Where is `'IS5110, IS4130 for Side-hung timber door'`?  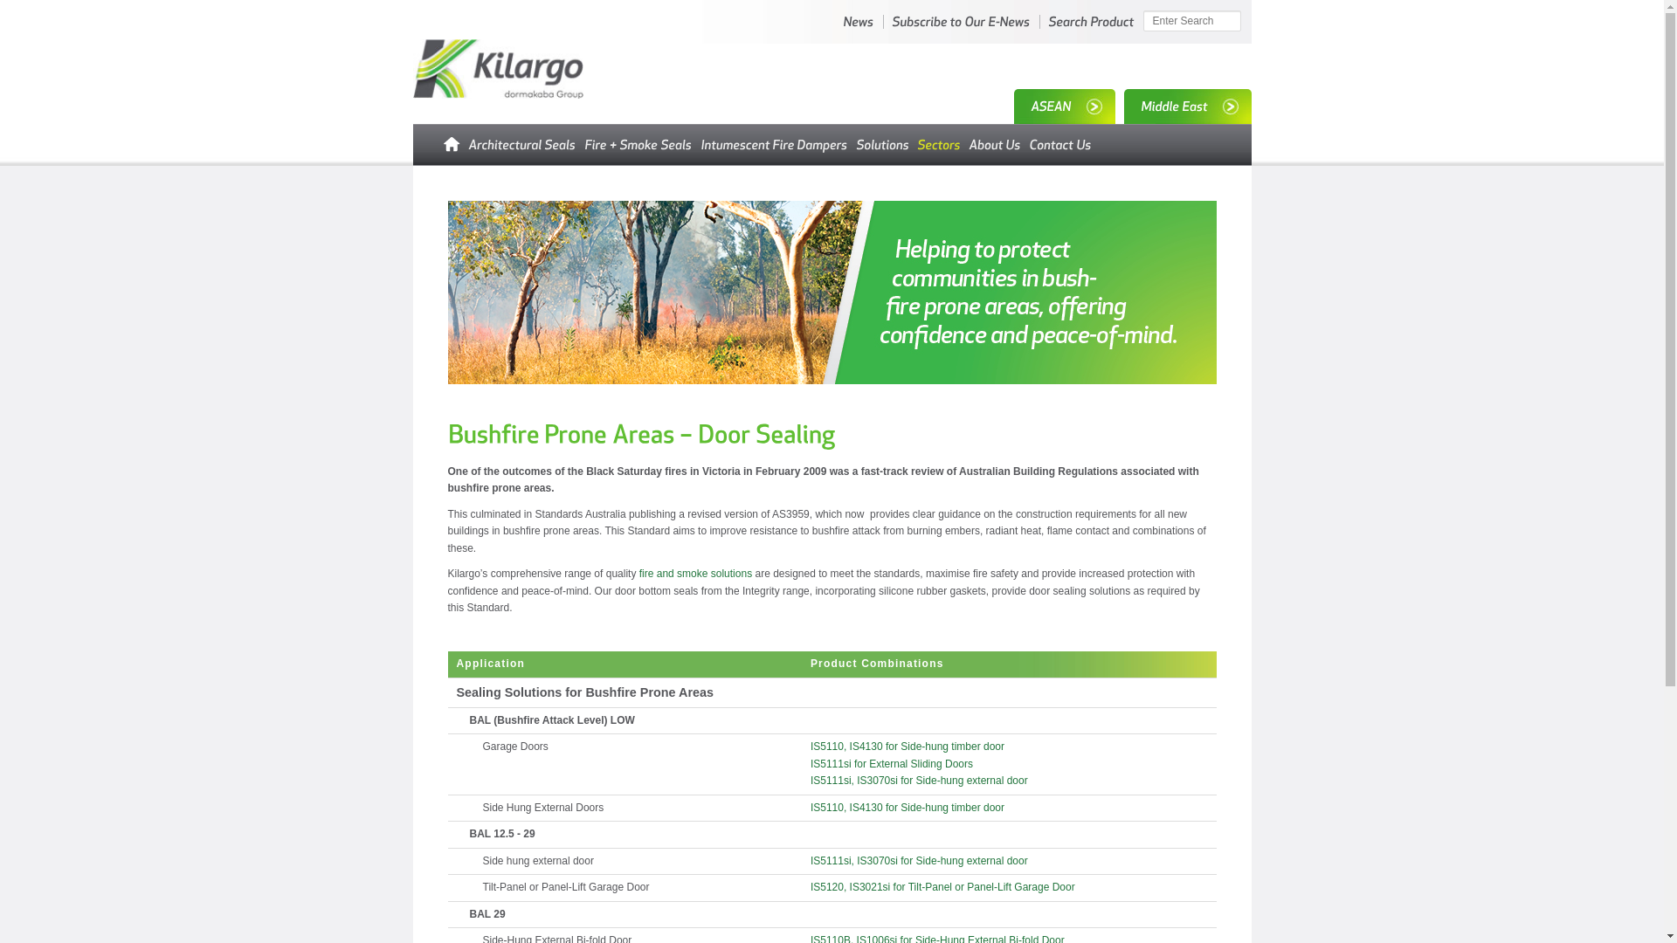 'IS5110, IS4130 for Side-hung timber door' is located at coordinates (809, 747).